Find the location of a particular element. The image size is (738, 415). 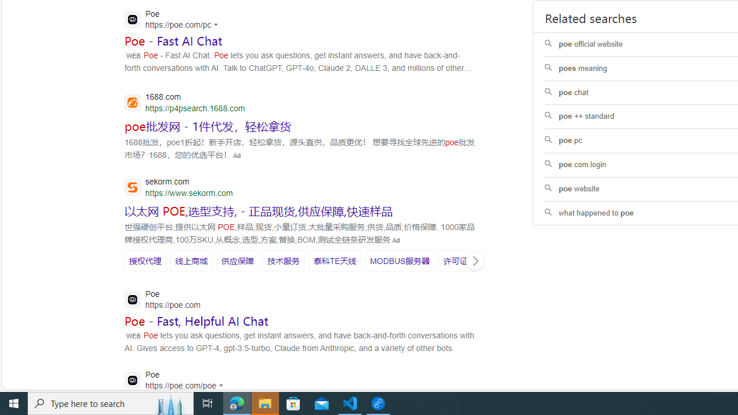

'SERP,5595' is located at coordinates (145, 261).